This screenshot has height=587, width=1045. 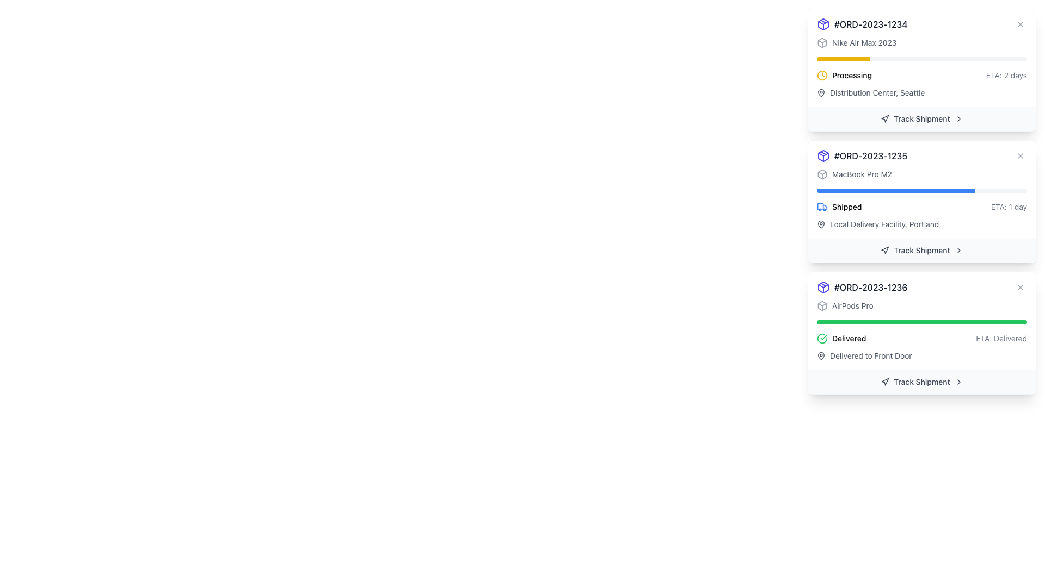 I want to click on the Text label that displays the unique identifier of an order, located at the top-left corner of the order details card, to the right of the parcel icon, so click(x=871, y=24).